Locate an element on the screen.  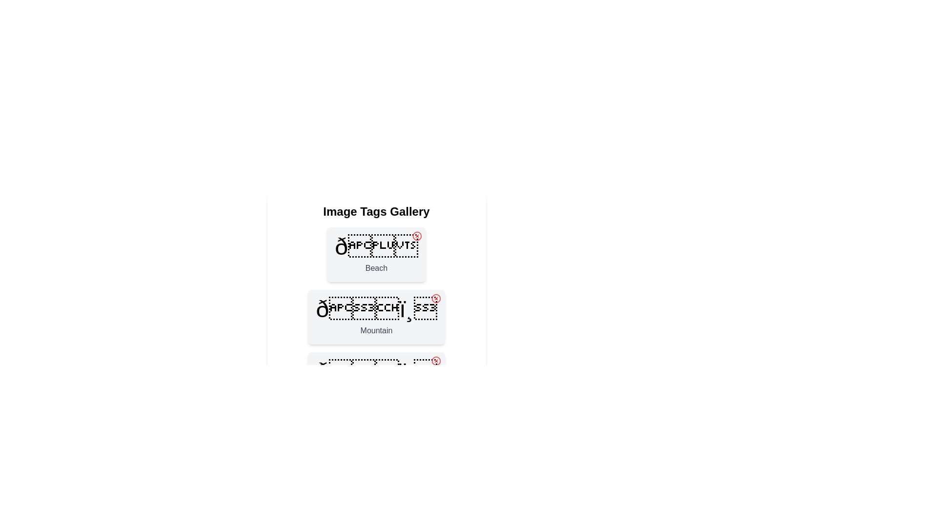
the emoji associated with the tag Beach is located at coordinates (376, 246).